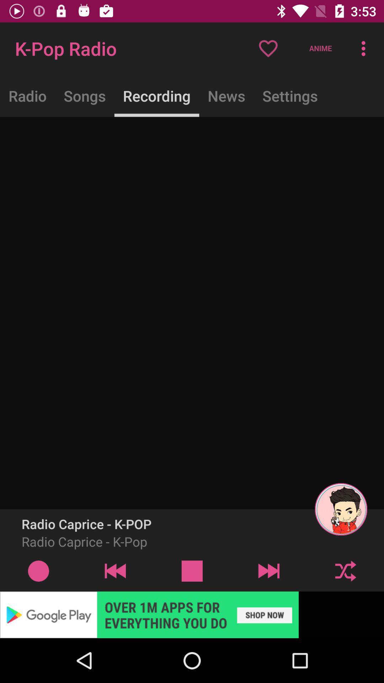 This screenshot has height=683, width=384. Describe the element at coordinates (345, 571) in the screenshot. I see `shuffle option` at that location.